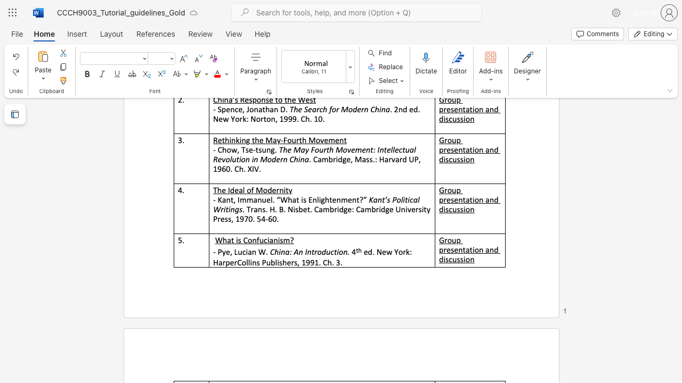 This screenshot has height=383, width=682. Describe the element at coordinates (282, 262) in the screenshot. I see `the subset text "hers, 1991. Ch. 3" within the text "HarperCollins Publishers, 1991. Ch. 3."` at that location.